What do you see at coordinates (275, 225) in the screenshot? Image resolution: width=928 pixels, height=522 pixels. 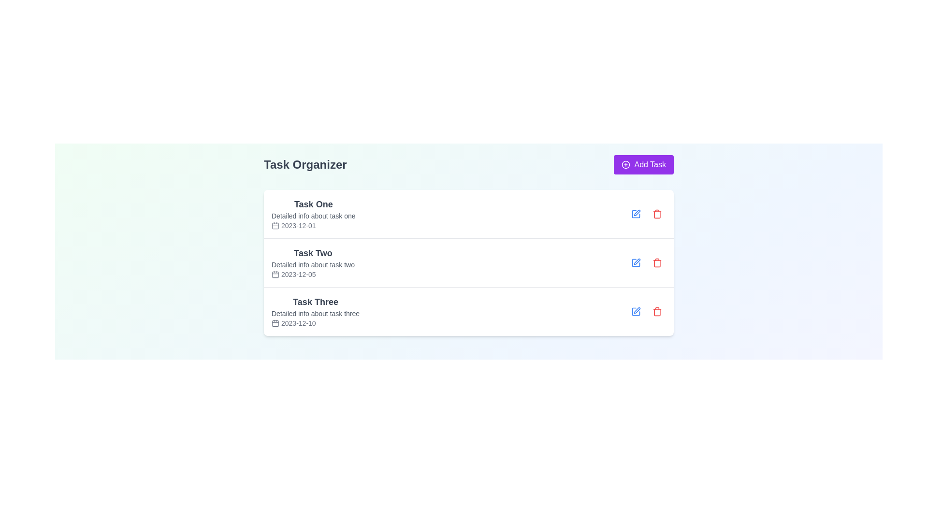 I see `the calendar icon that represents the date in the 'Task One' entry of the task list, located to the left of the '2023-12-01' text` at bounding box center [275, 225].